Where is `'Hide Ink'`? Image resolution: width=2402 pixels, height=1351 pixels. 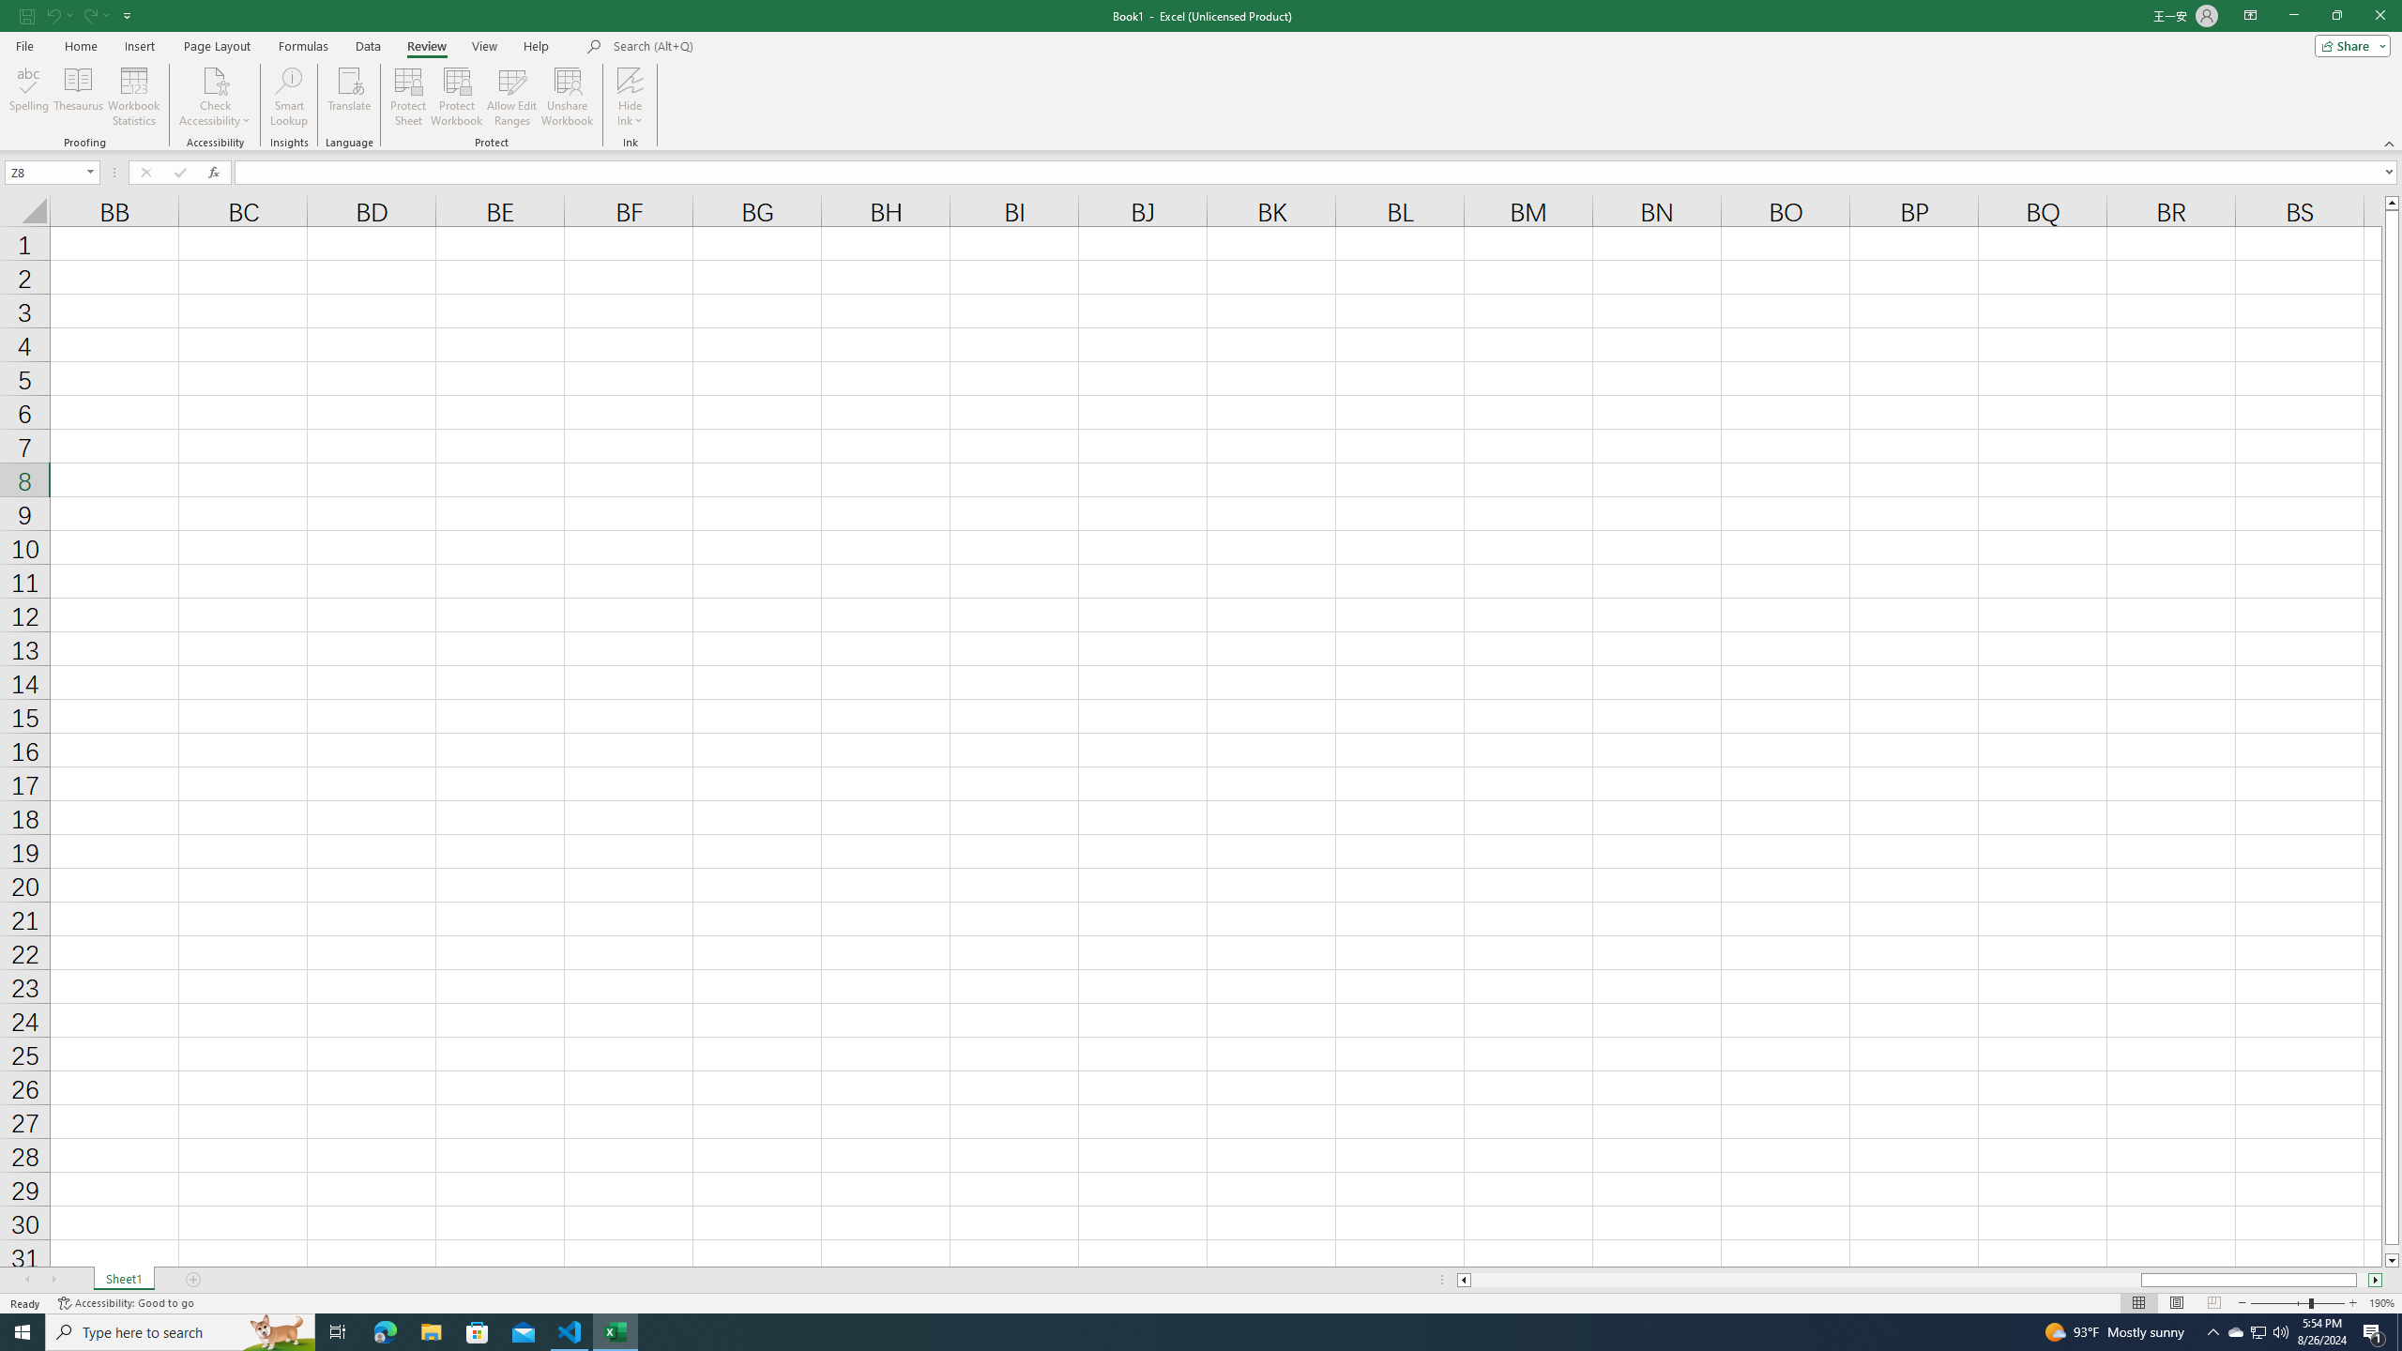
'Hide Ink' is located at coordinates (631, 79).